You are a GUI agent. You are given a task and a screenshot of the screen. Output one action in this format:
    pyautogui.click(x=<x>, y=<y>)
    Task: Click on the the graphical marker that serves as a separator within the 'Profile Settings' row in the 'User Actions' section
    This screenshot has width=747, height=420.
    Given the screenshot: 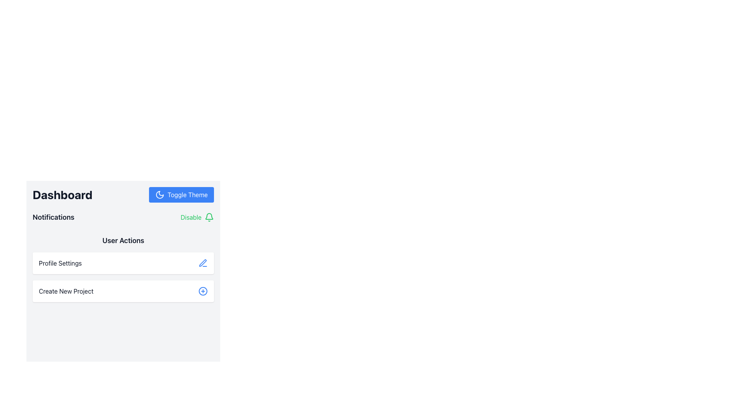 What is the action you would take?
    pyautogui.click(x=123, y=257)
    